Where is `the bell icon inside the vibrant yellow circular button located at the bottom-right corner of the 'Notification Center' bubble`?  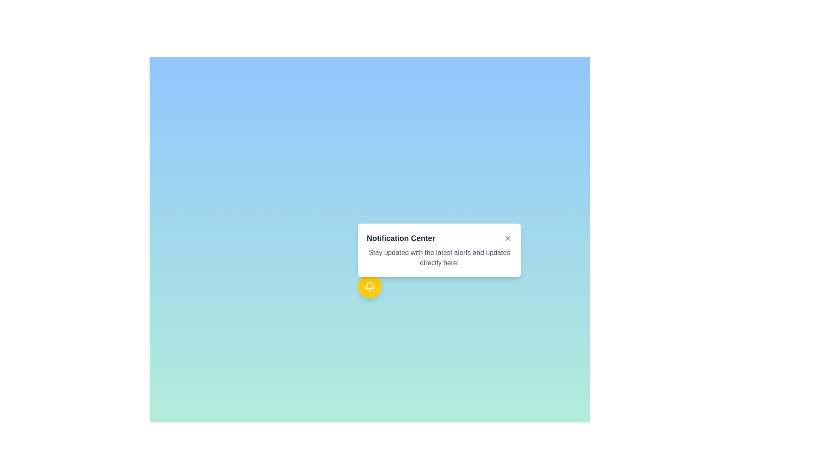 the bell icon inside the vibrant yellow circular button located at the bottom-right corner of the 'Notification Center' bubble is located at coordinates (369, 286).